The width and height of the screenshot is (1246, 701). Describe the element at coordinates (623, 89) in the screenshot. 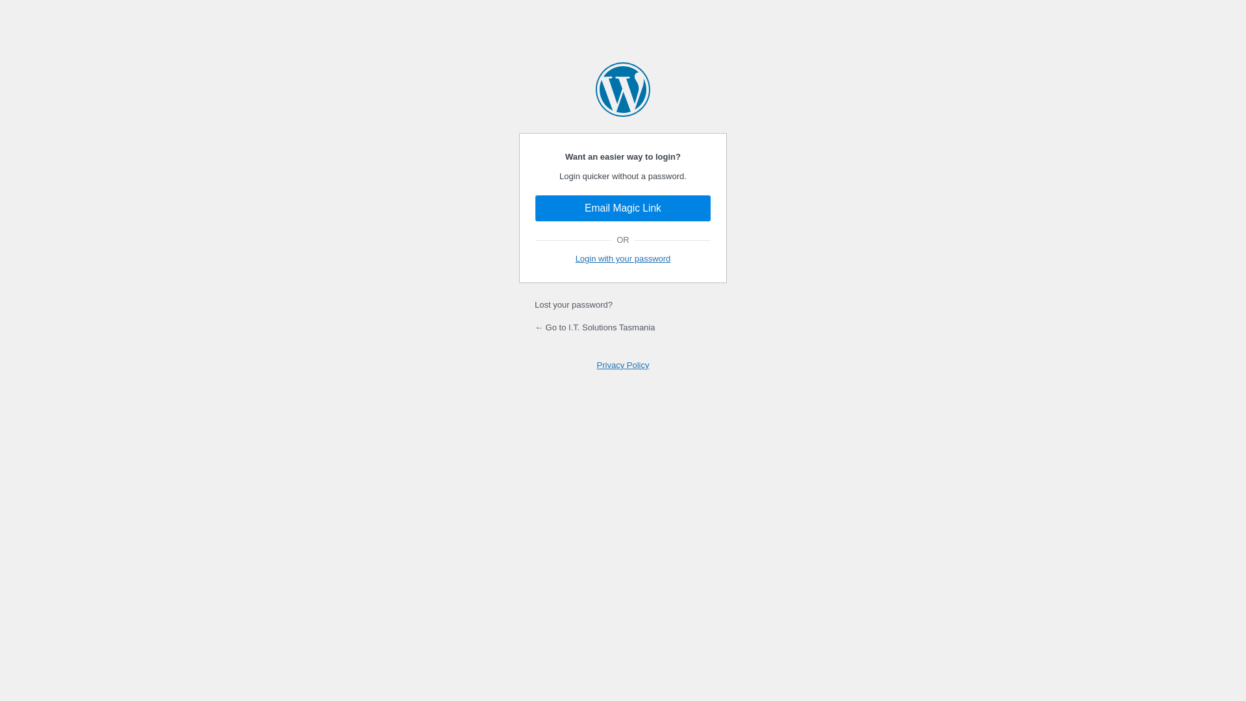

I see `'Powered by WordPress'` at that location.